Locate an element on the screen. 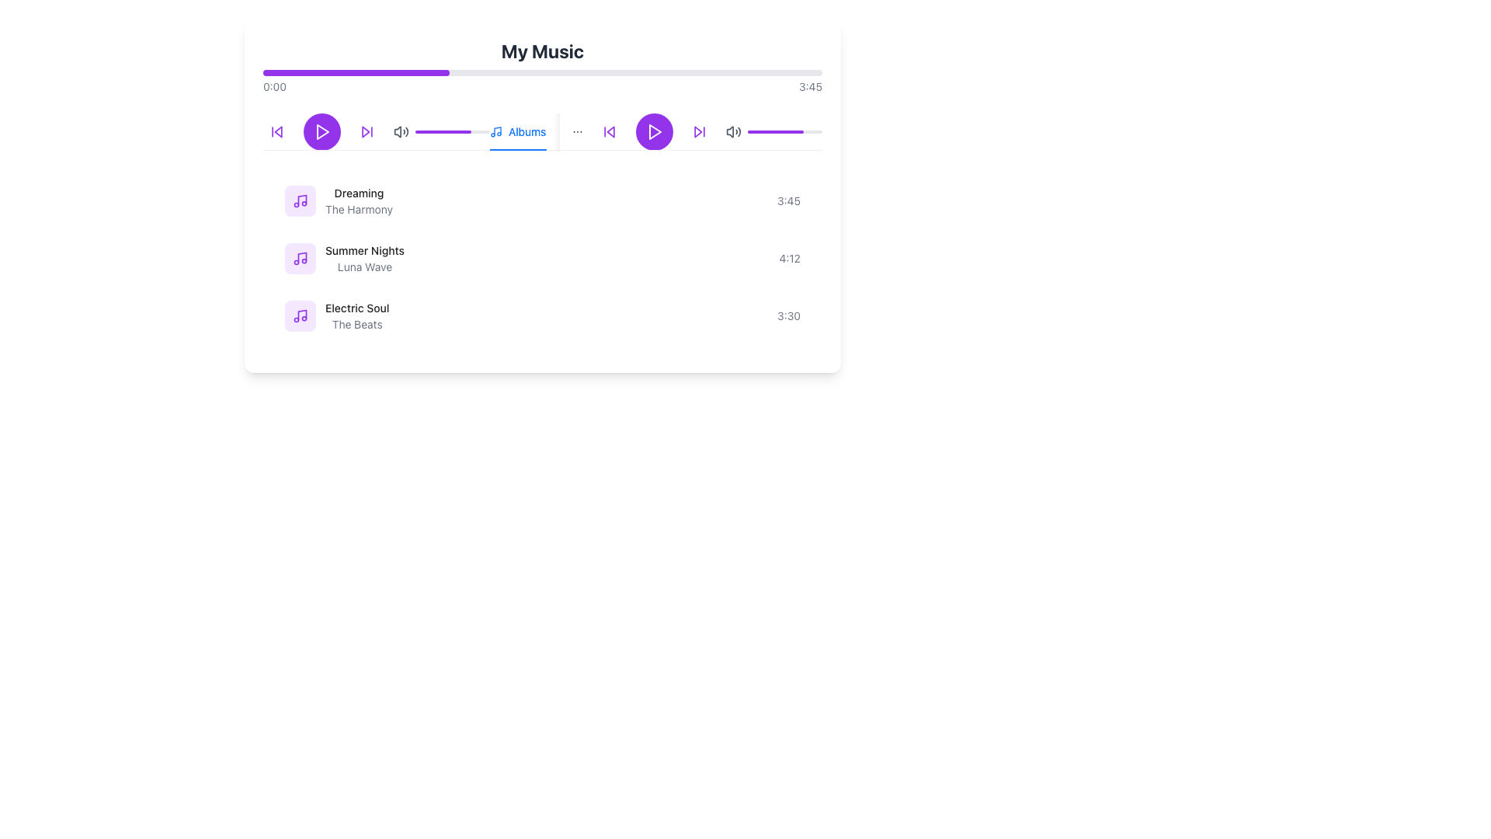 The height and width of the screenshot is (839, 1491). playback position is located at coordinates (426, 131).